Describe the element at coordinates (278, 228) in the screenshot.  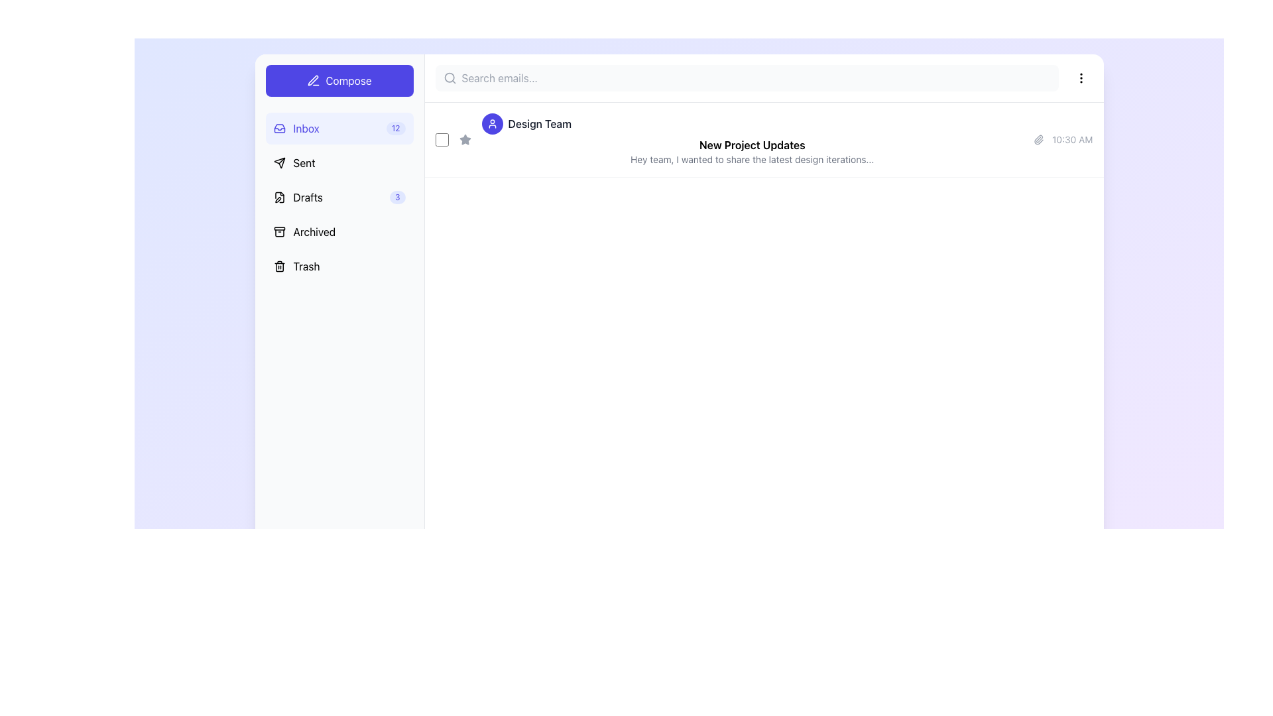
I see `the top horizontal bar of the 'Archived' graphical icon component, which is a narrow rectangular bar with rounded corners` at that location.